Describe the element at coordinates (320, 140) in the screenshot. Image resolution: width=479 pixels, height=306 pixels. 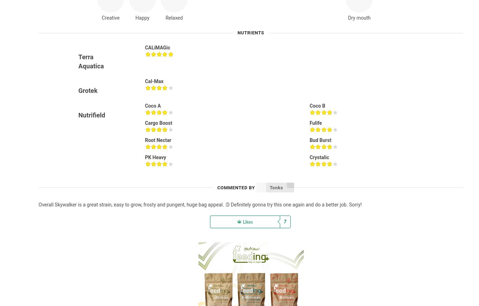
I see `'Bud Burst'` at that location.